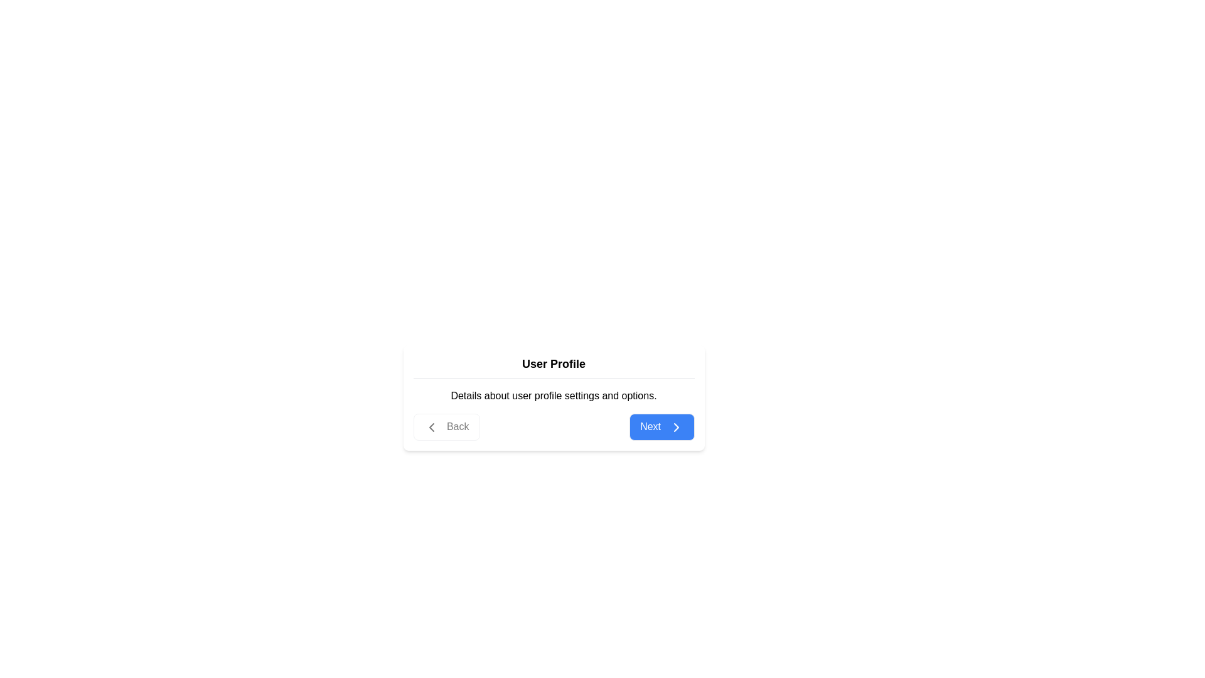 This screenshot has width=1205, height=678. Describe the element at coordinates (431, 426) in the screenshot. I see `the left-pointing chevron icon styled as an SVG graphic within the 'Back' button` at that location.